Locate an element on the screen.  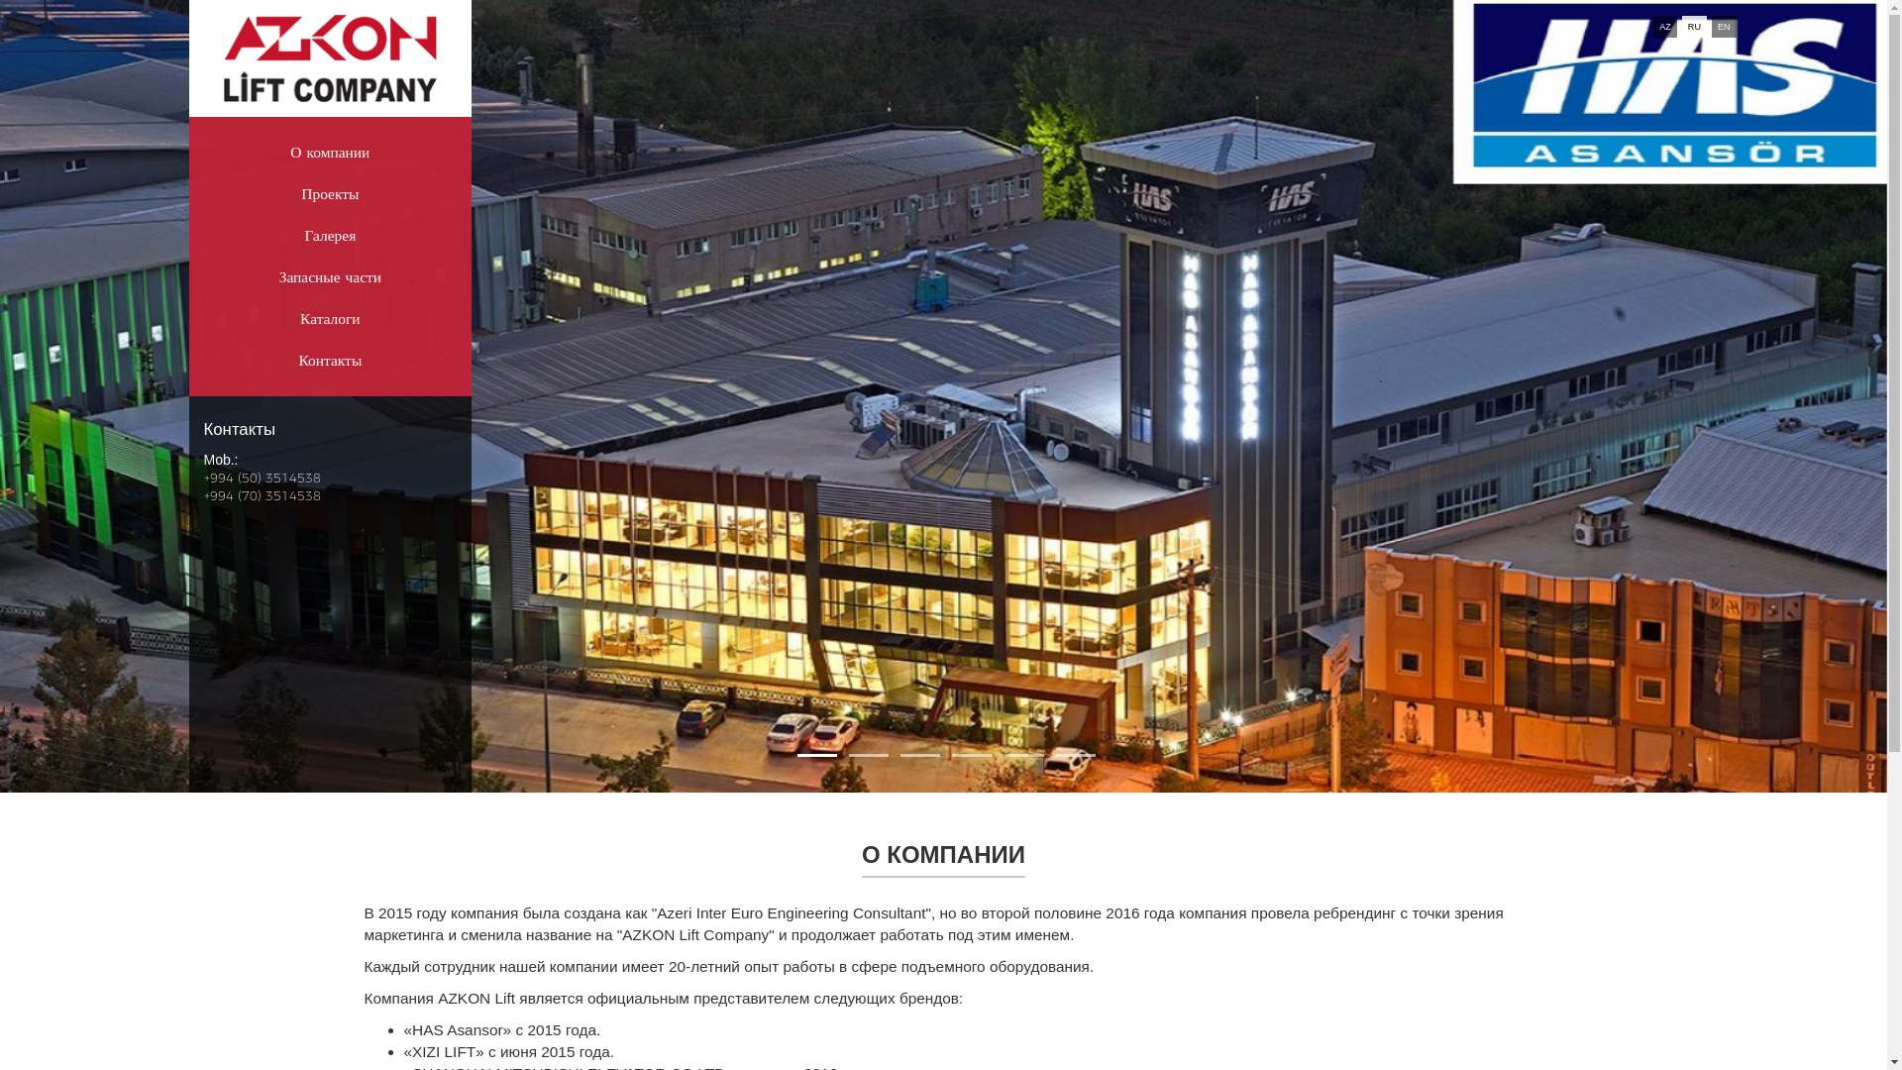
'RU' is located at coordinates (1693, 27).